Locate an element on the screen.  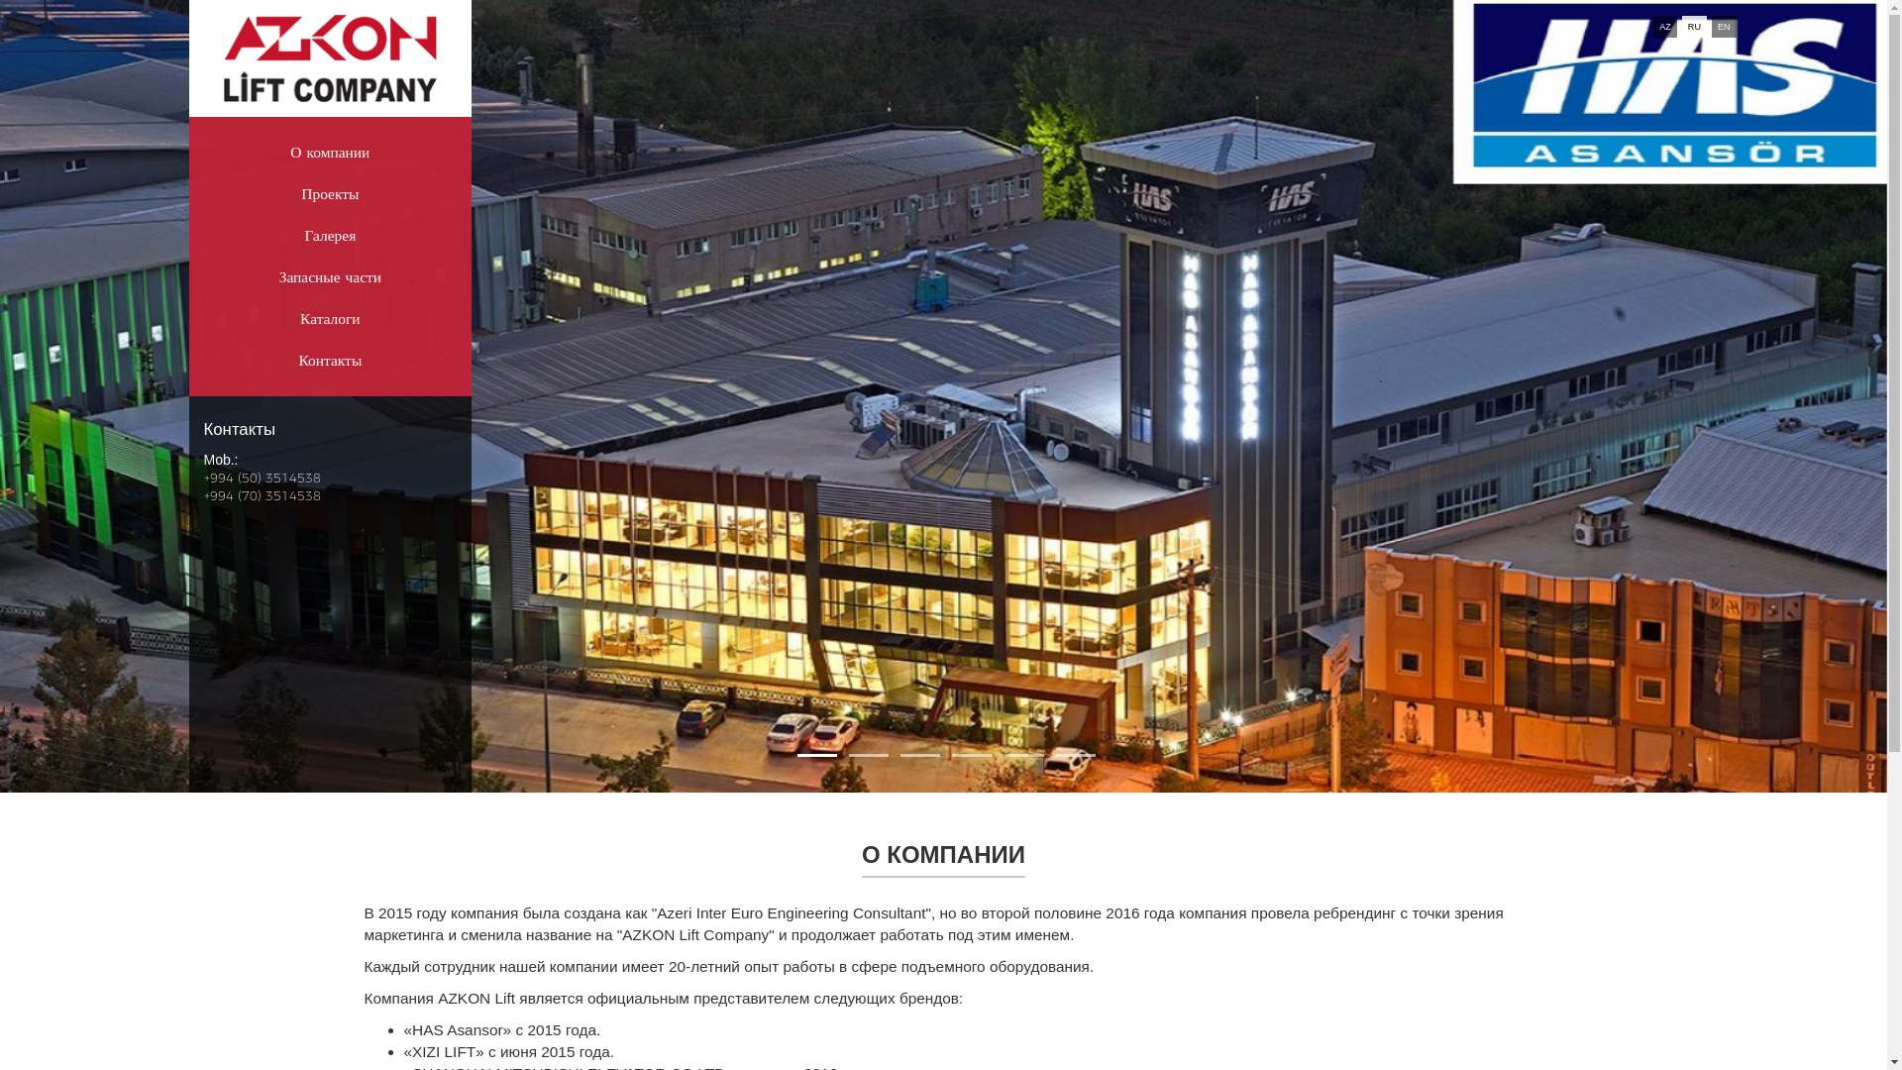
'RU' is located at coordinates (1693, 27).